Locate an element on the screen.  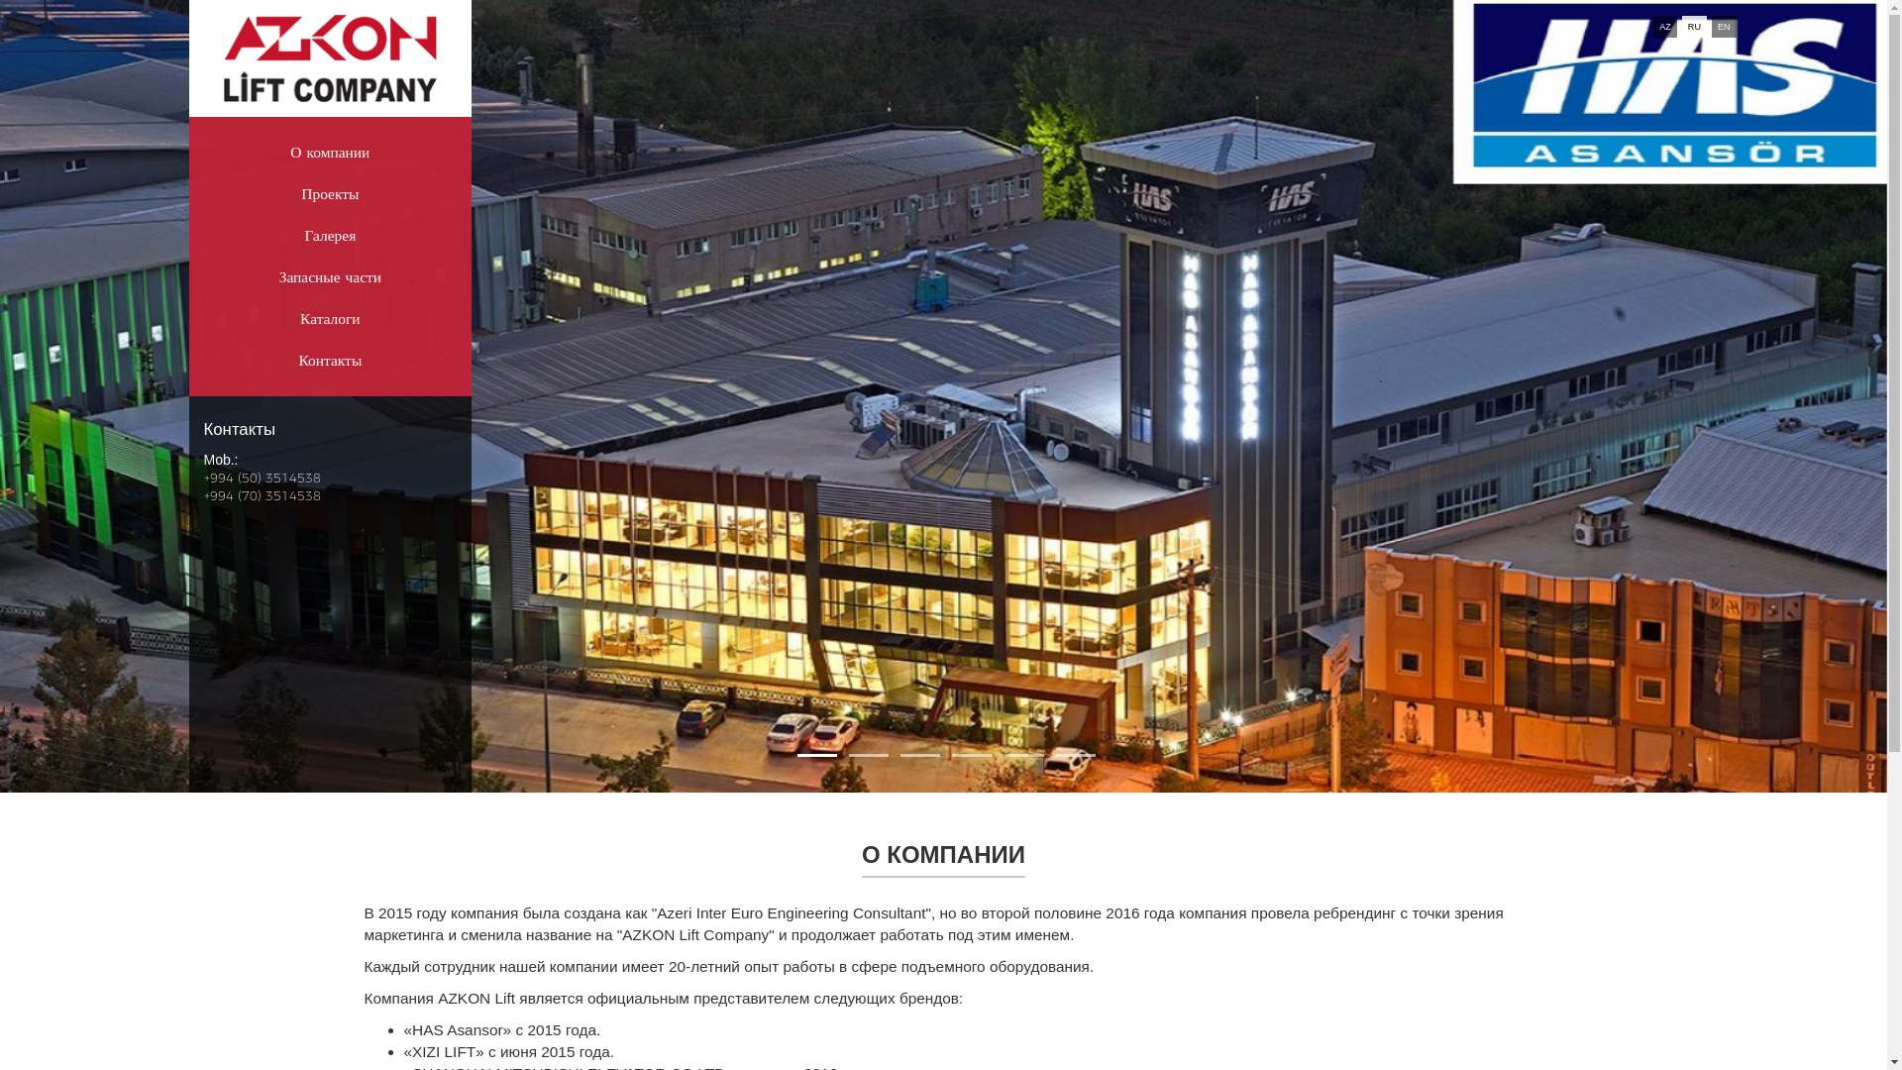
'RU' is located at coordinates (1693, 27).